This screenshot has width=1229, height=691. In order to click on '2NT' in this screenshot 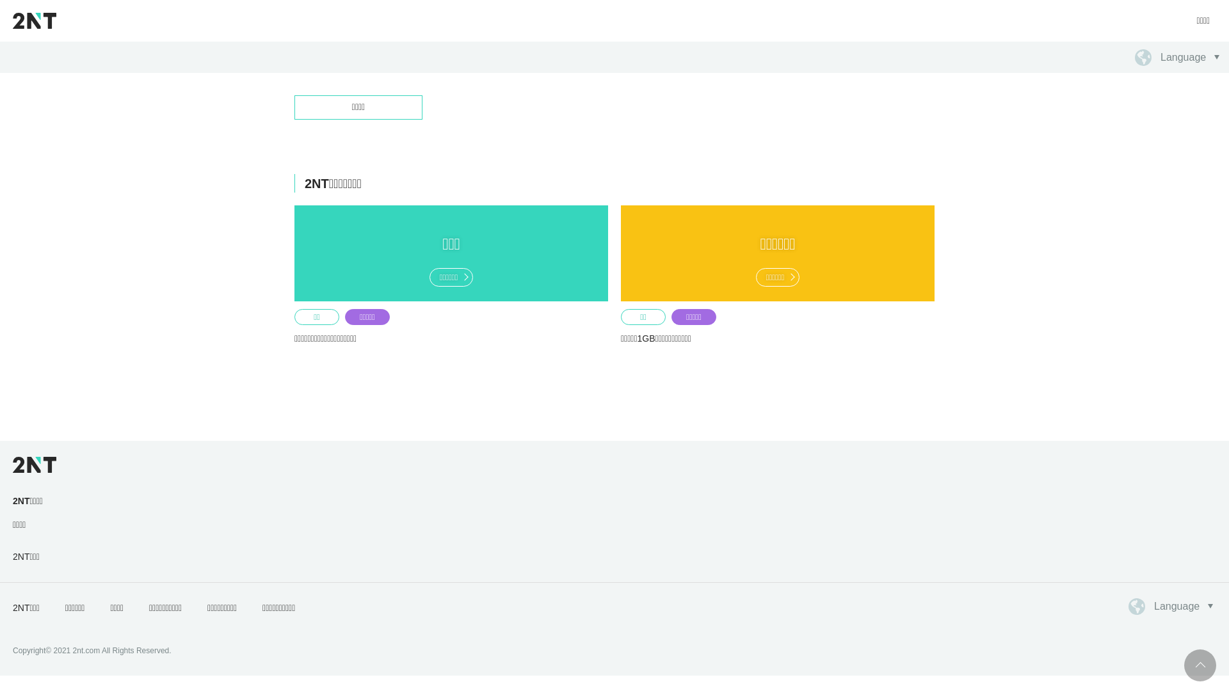, I will do `click(34, 20)`.